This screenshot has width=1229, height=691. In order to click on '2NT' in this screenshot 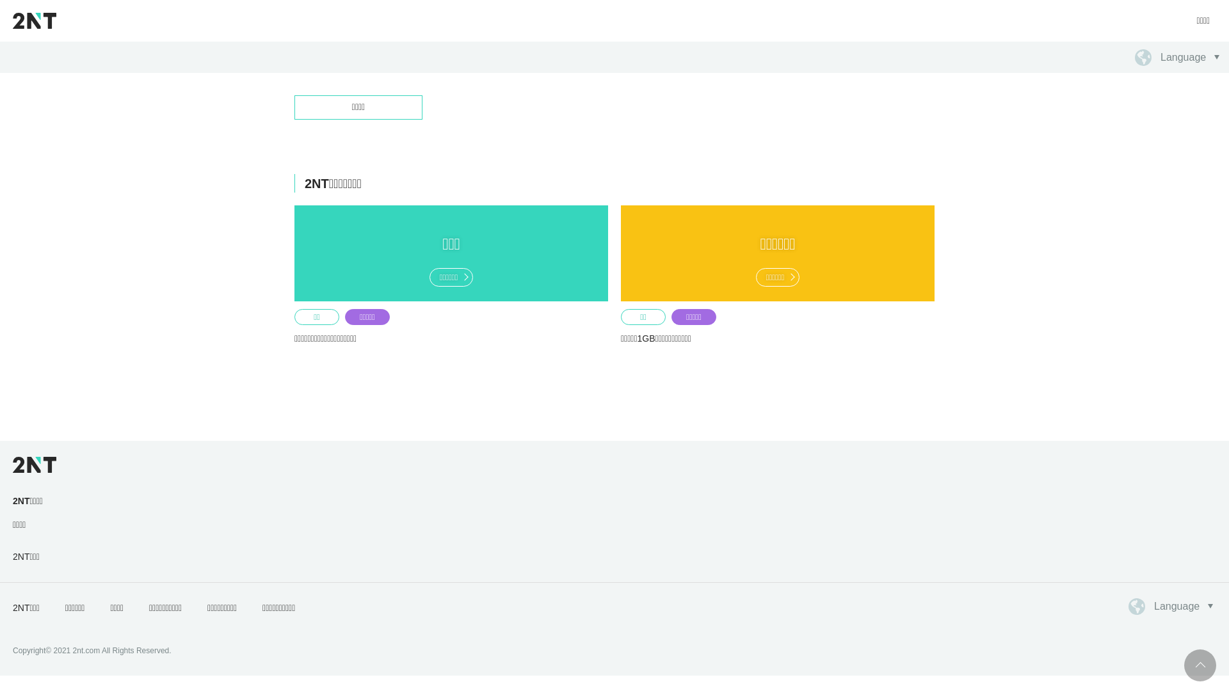, I will do `click(34, 20)`.